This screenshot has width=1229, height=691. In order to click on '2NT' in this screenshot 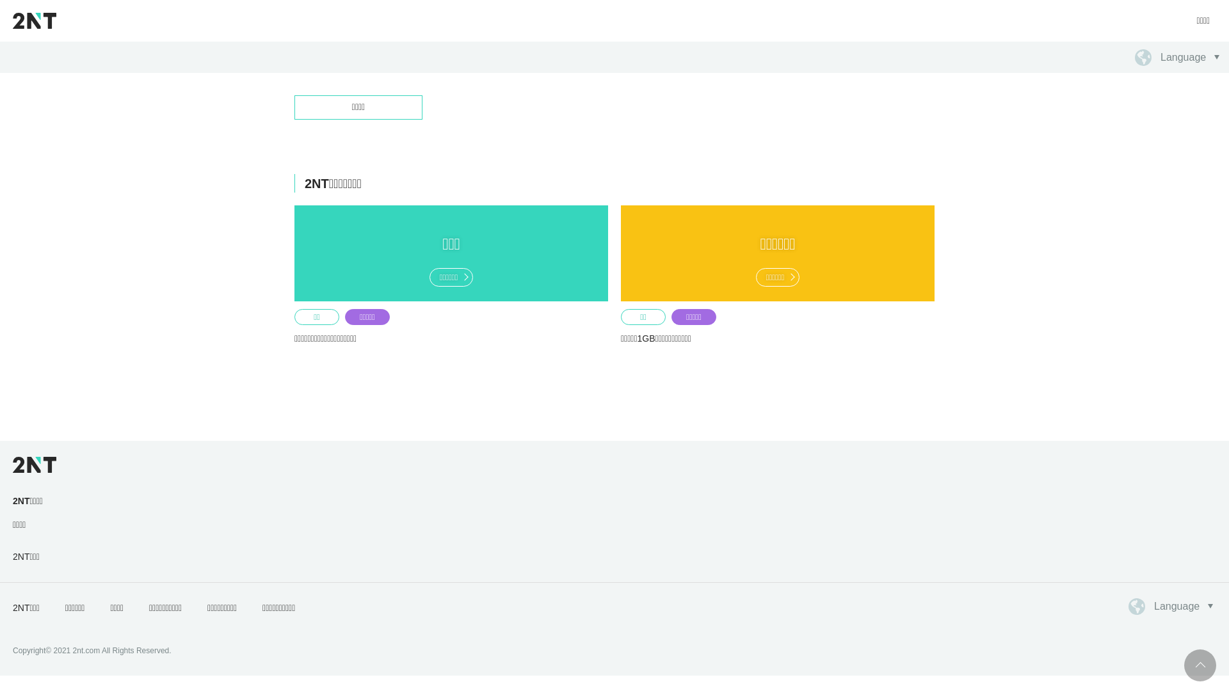, I will do `click(34, 20)`.